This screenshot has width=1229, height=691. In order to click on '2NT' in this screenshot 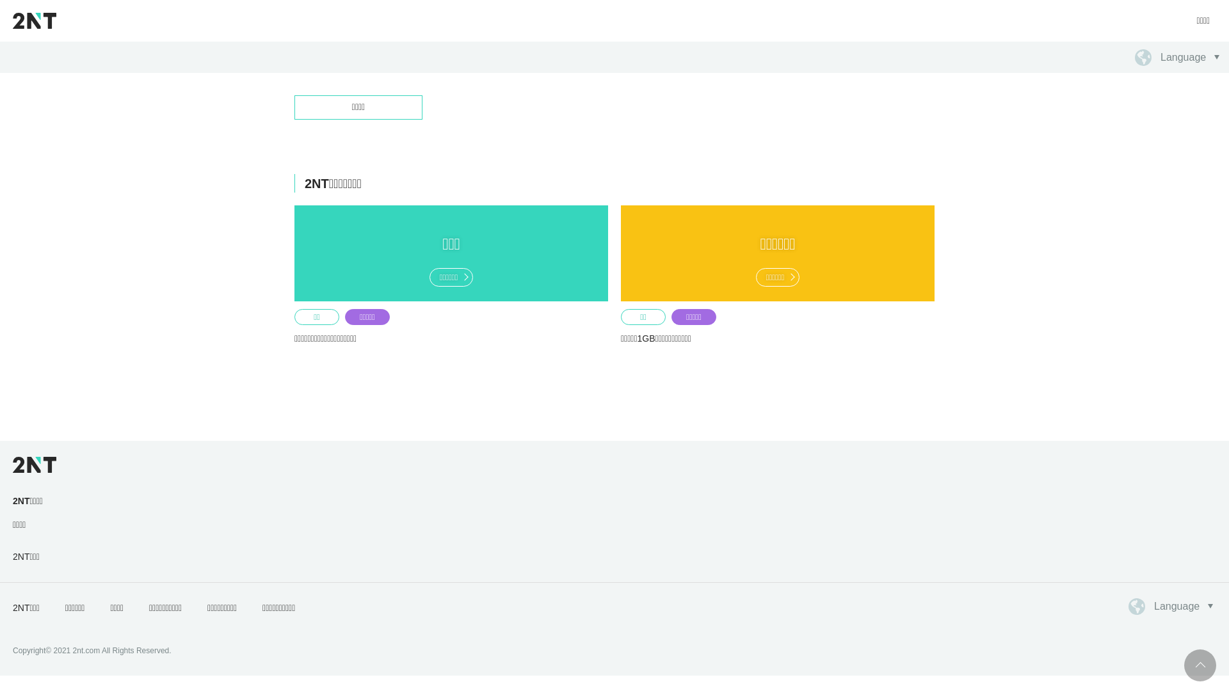, I will do `click(34, 20)`.